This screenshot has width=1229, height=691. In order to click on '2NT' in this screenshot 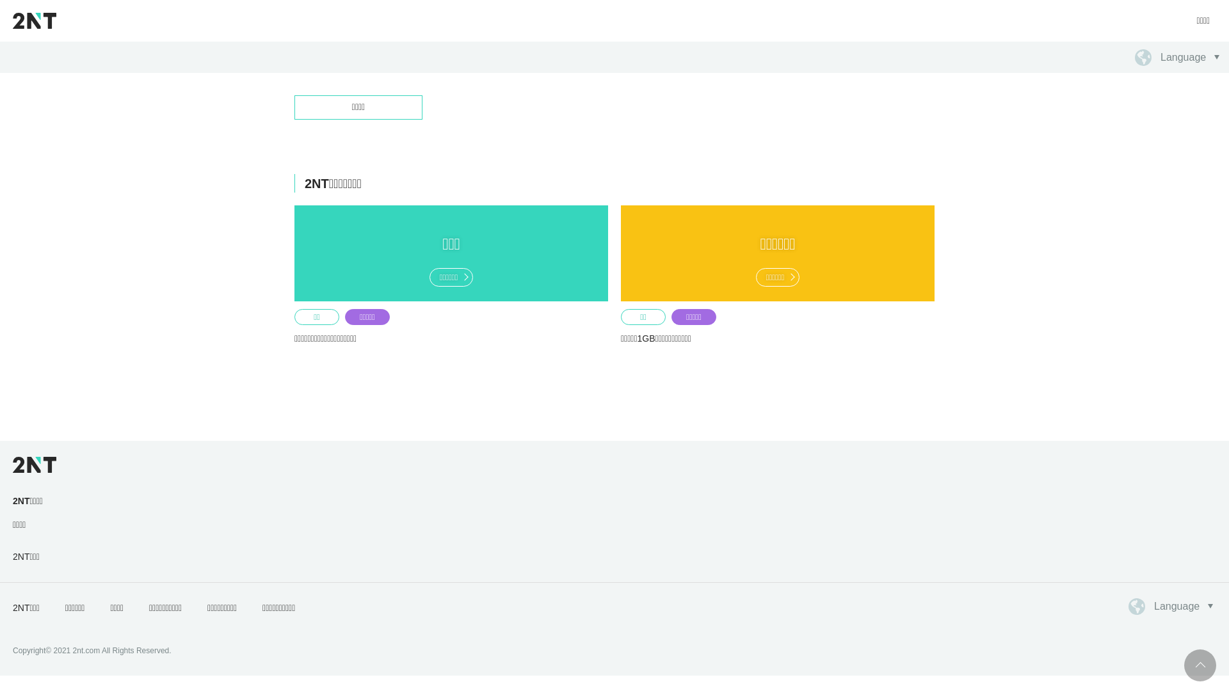, I will do `click(34, 20)`.